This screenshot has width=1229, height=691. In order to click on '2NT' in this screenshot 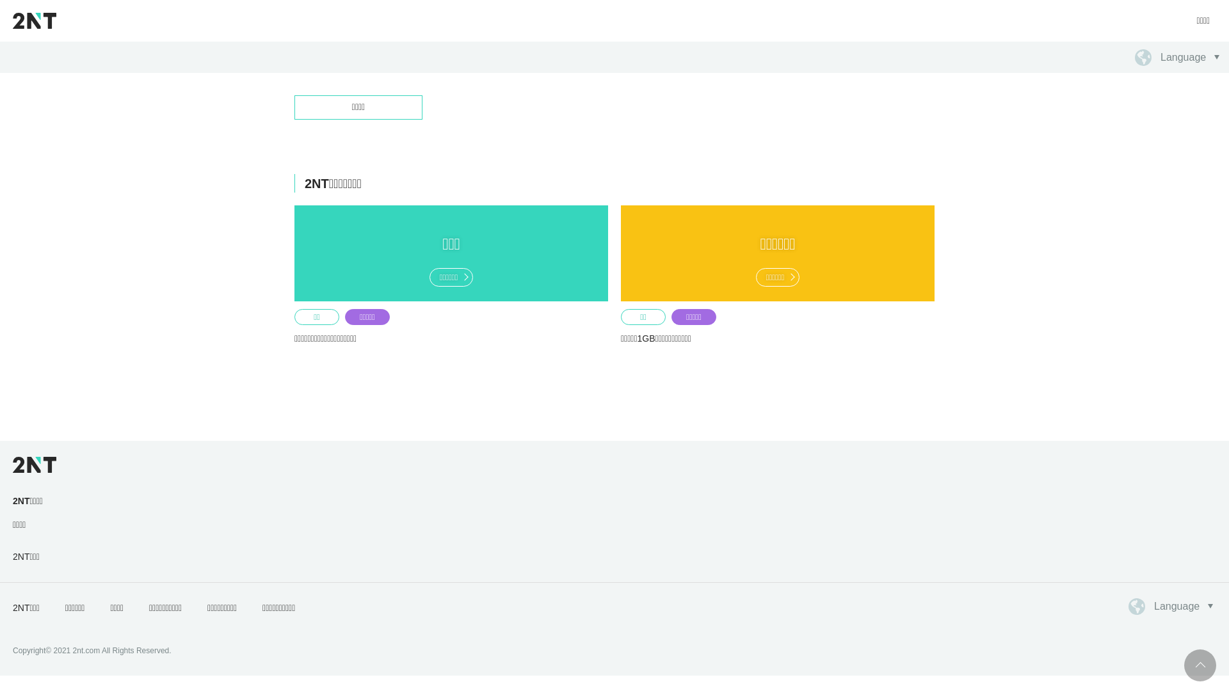, I will do `click(34, 20)`.